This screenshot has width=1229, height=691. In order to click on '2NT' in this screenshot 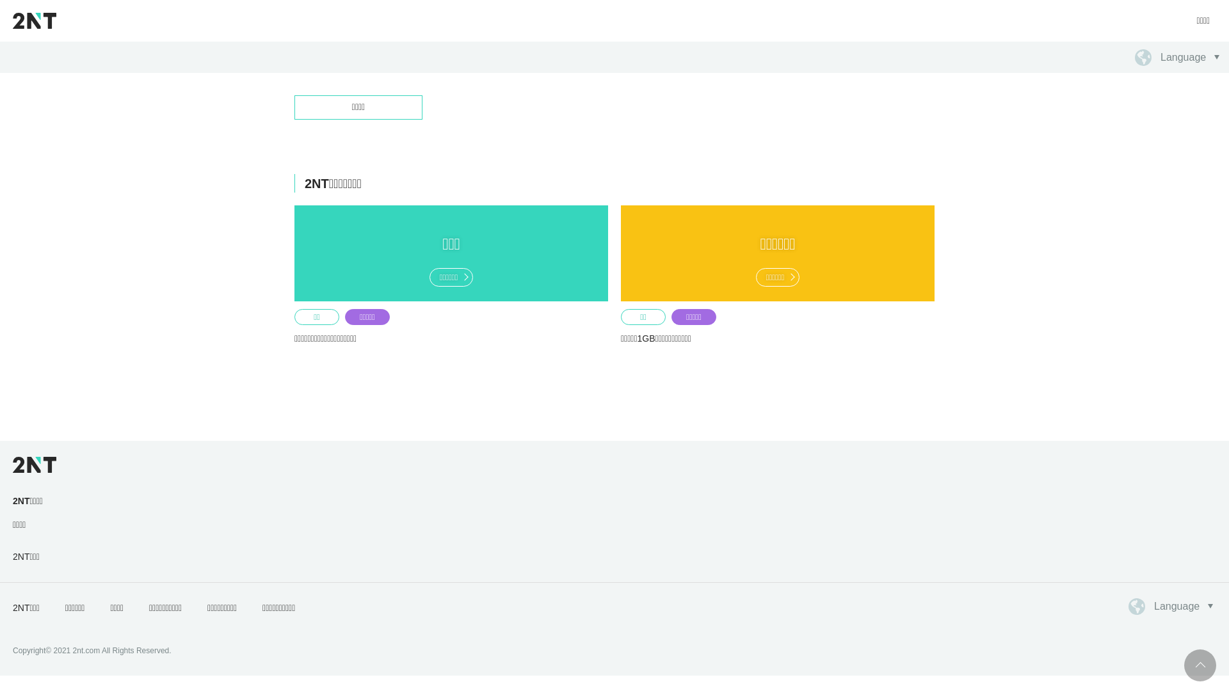, I will do `click(34, 20)`.